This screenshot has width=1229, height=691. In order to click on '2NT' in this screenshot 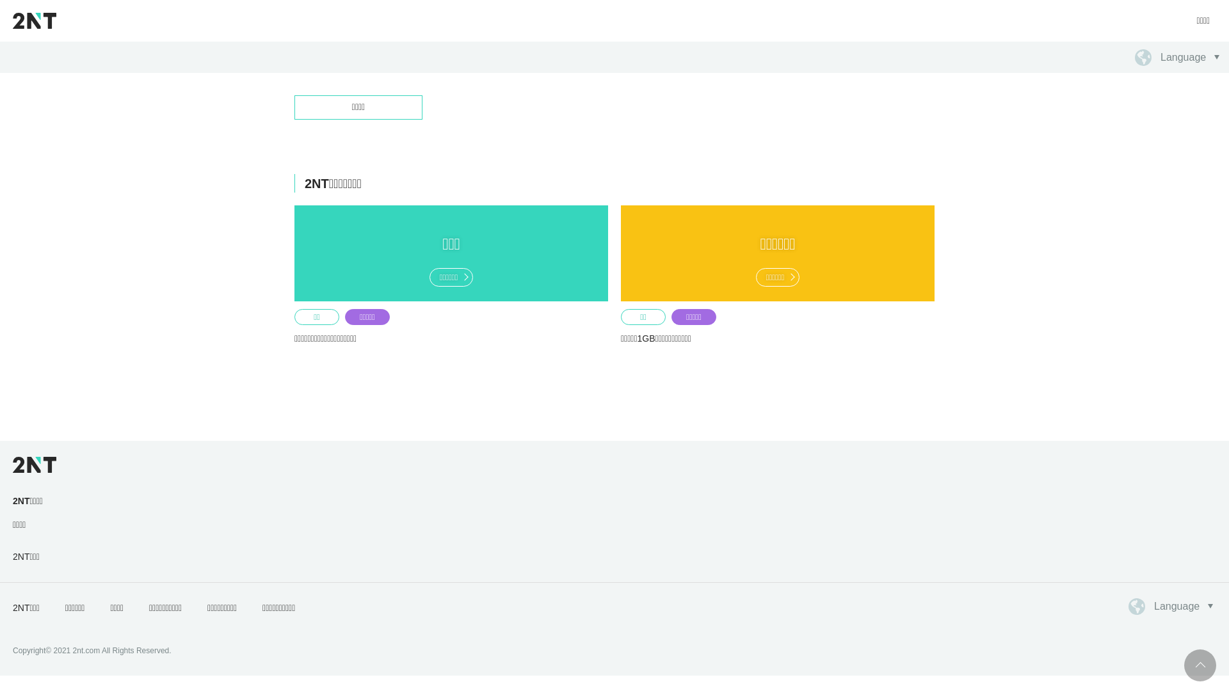, I will do `click(34, 20)`.